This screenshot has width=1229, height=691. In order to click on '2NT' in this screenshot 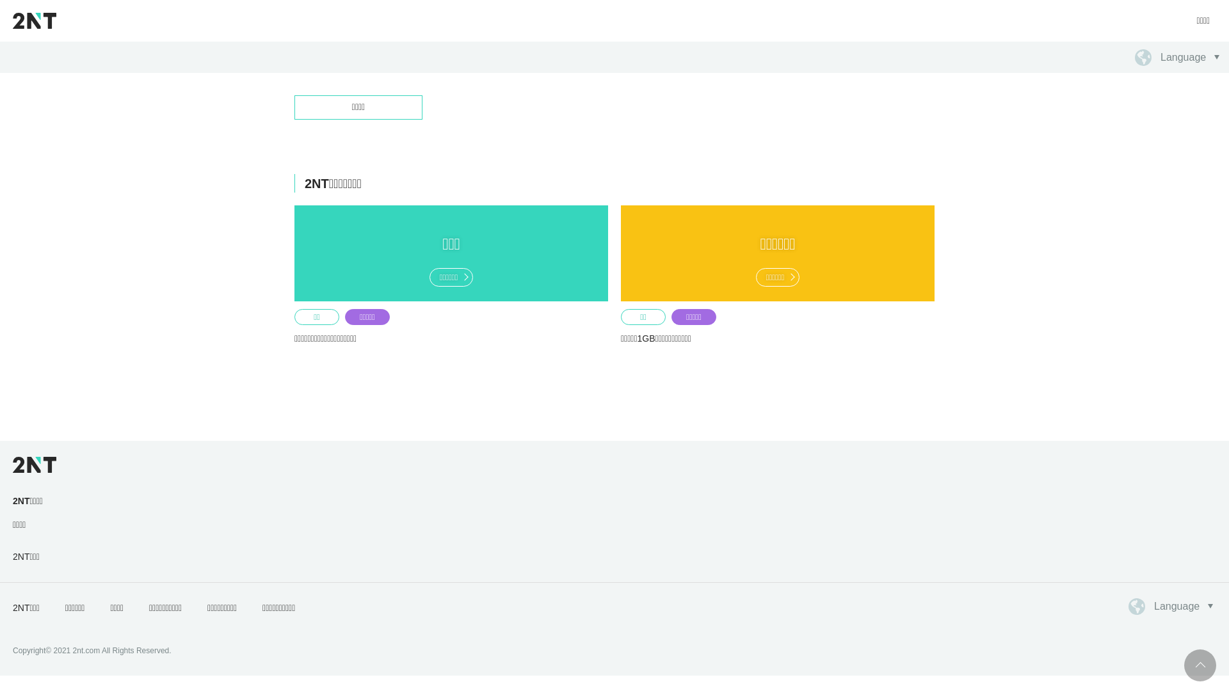, I will do `click(34, 20)`.